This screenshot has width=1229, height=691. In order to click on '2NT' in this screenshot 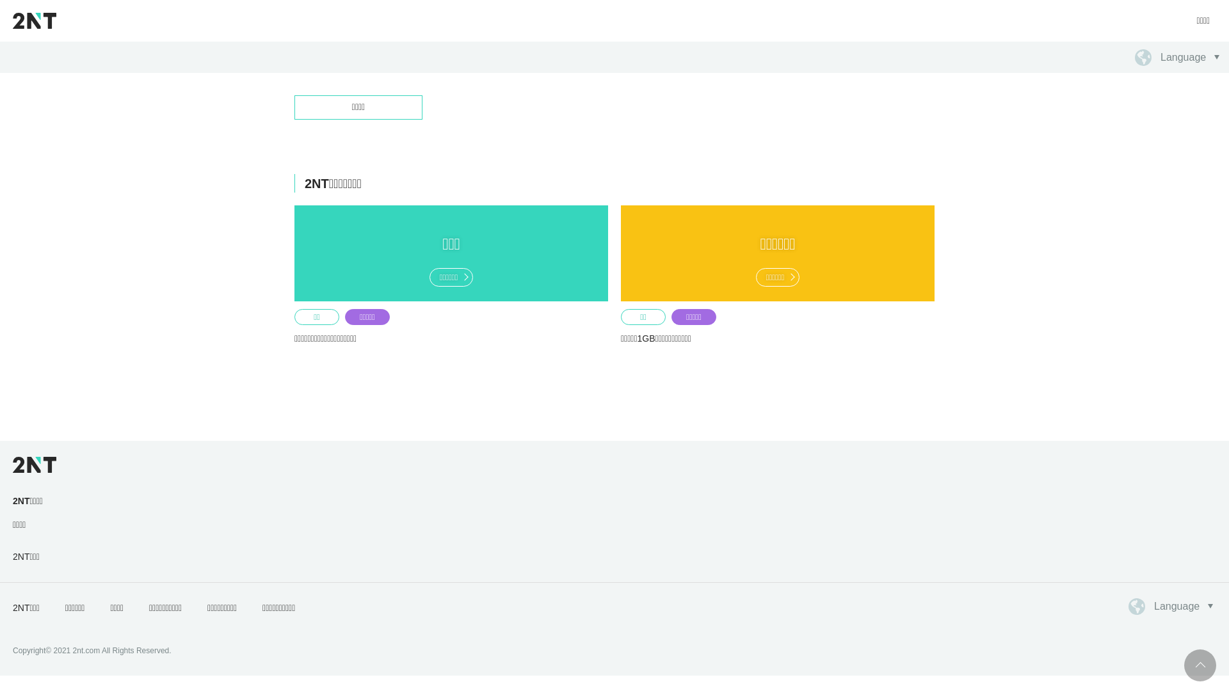, I will do `click(34, 20)`.